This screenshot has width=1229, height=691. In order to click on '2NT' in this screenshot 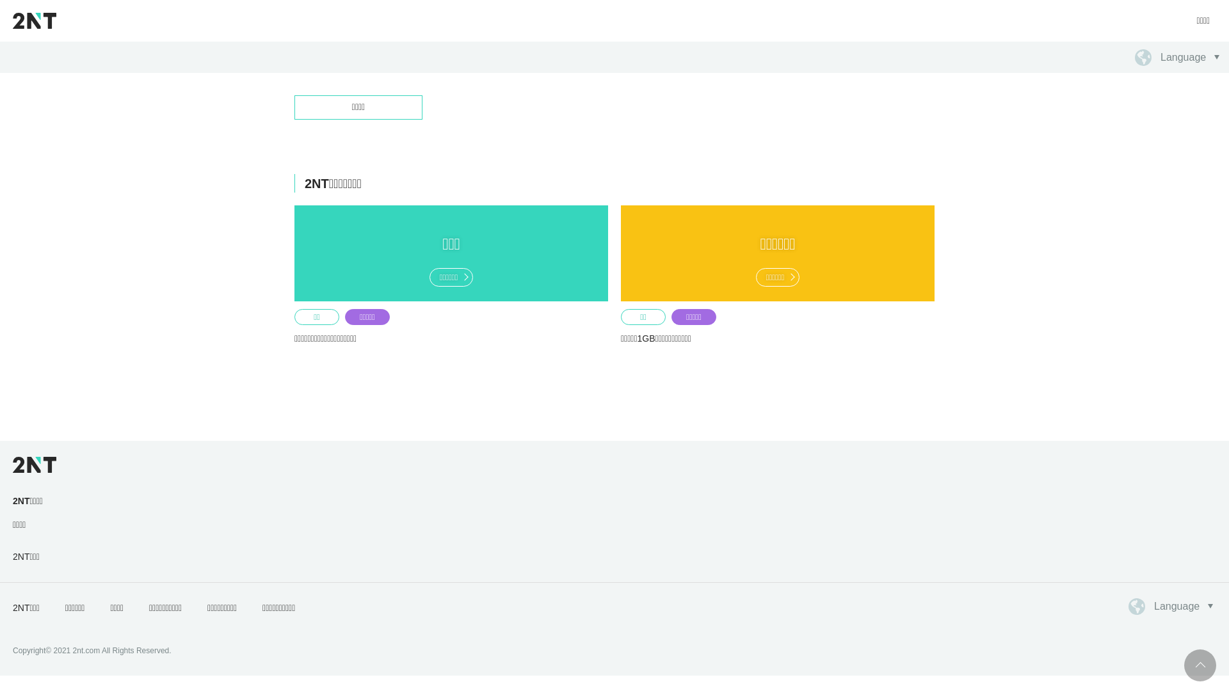, I will do `click(34, 20)`.